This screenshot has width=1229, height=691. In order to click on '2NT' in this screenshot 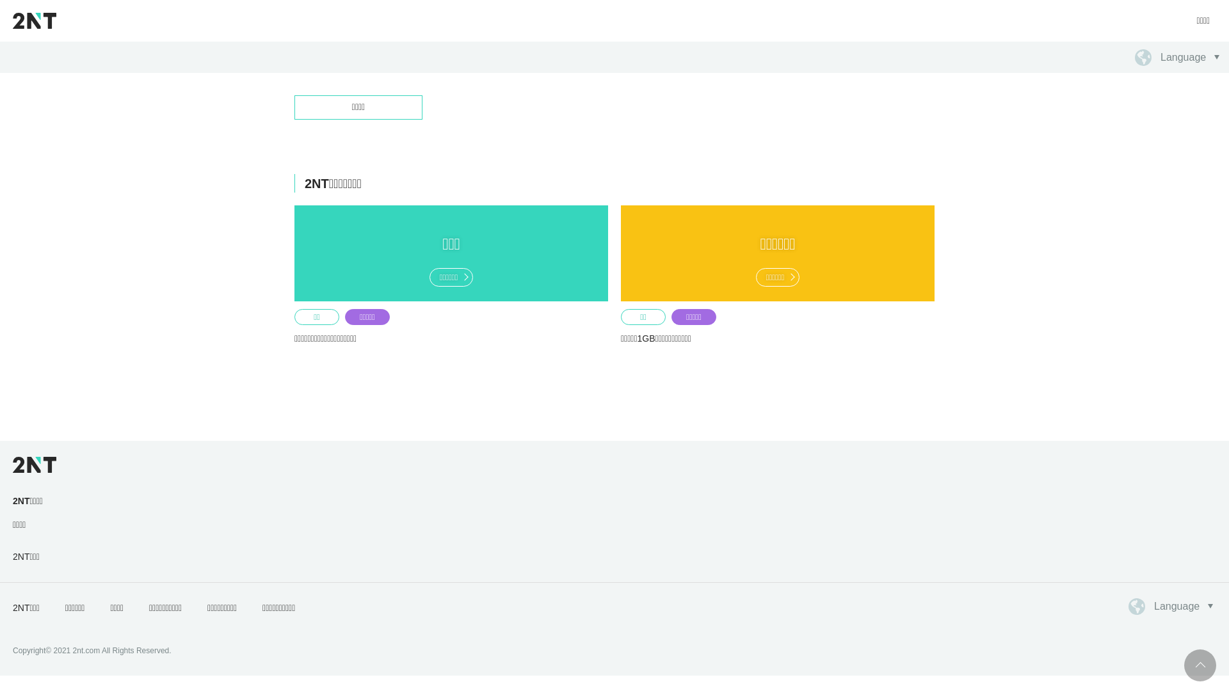, I will do `click(34, 20)`.